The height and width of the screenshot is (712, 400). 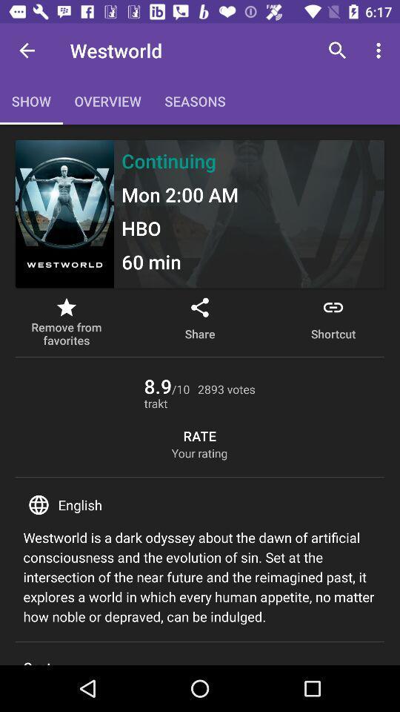 What do you see at coordinates (200, 322) in the screenshot?
I see `the item to the right of the remove from favorites item` at bounding box center [200, 322].